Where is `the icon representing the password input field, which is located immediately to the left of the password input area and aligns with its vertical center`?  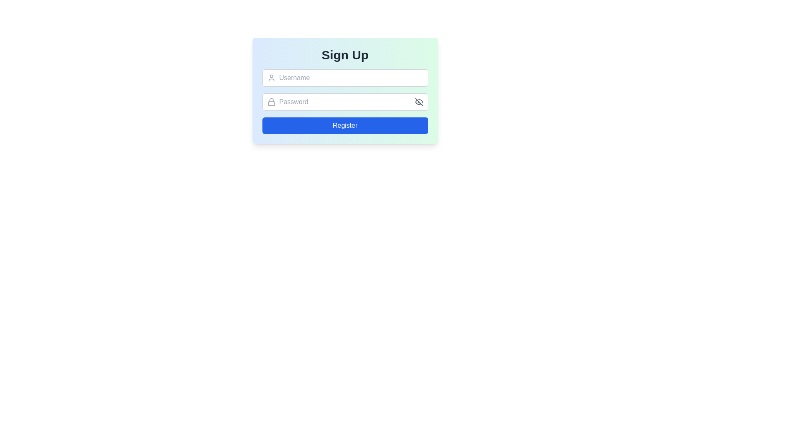 the icon representing the password input field, which is located immediately to the left of the password input area and aligns with its vertical center is located at coordinates (271, 102).